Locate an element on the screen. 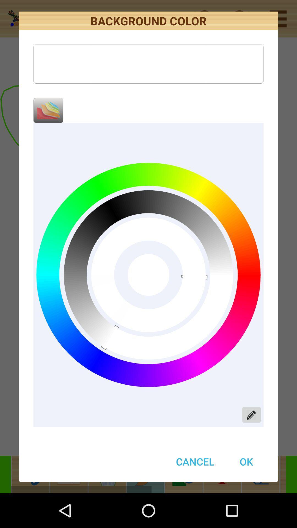  ok is located at coordinates (246, 461).